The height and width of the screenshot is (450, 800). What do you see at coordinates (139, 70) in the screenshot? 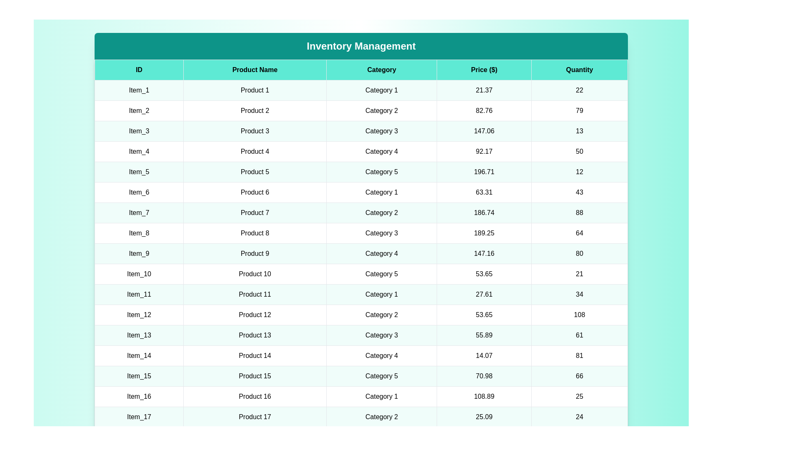
I see `the column header ID to sort the table by that column` at bounding box center [139, 70].